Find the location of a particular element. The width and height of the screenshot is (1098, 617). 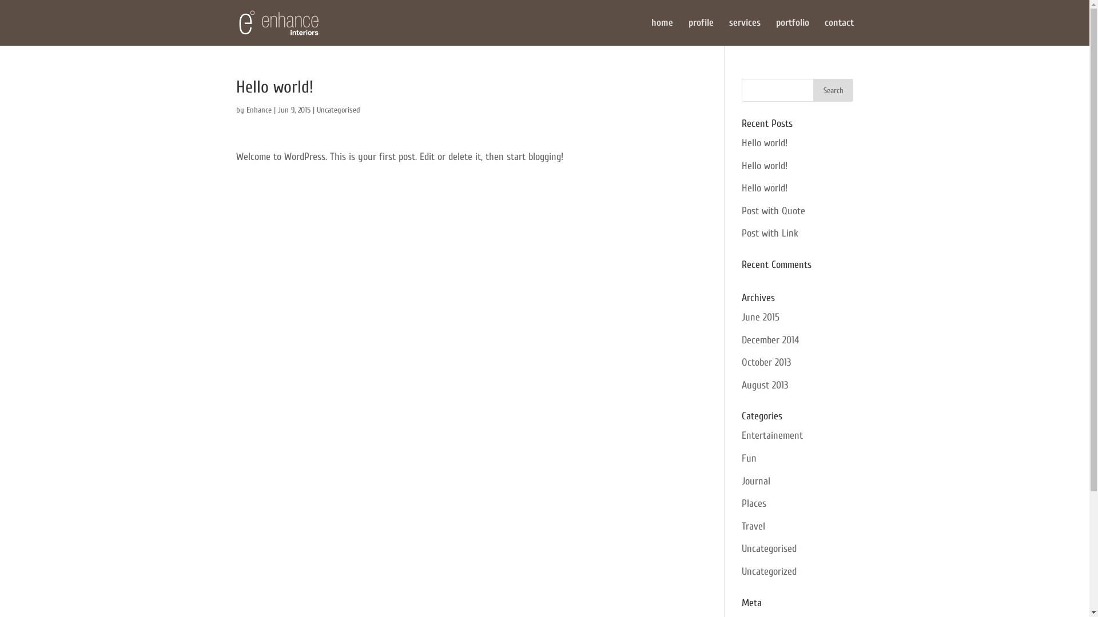

'Post with Link' is located at coordinates (770, 233).